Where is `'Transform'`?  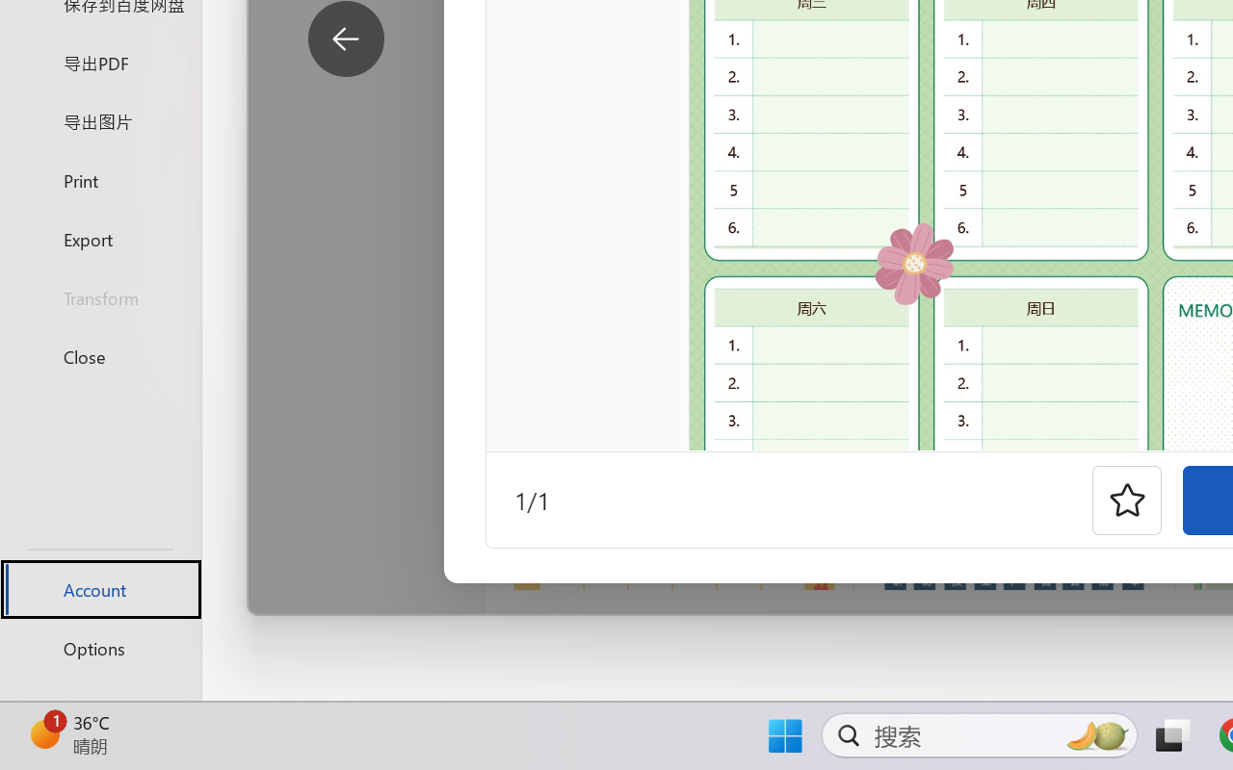
'Transform' is located at coordinates (99, 296).